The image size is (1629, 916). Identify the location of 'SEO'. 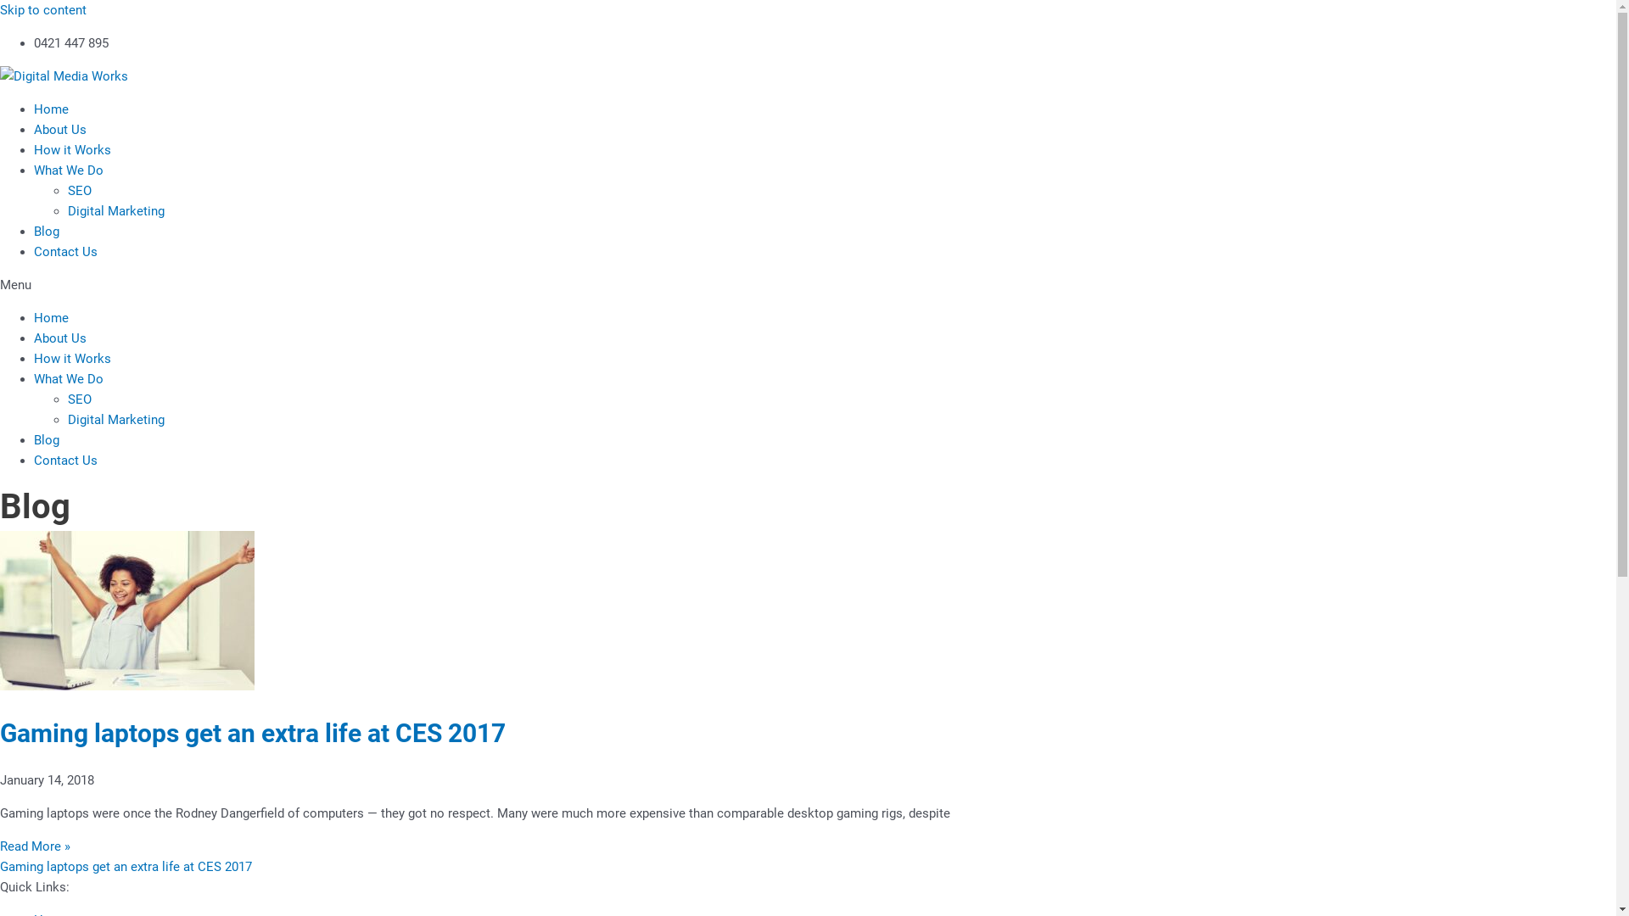
(68, 190).